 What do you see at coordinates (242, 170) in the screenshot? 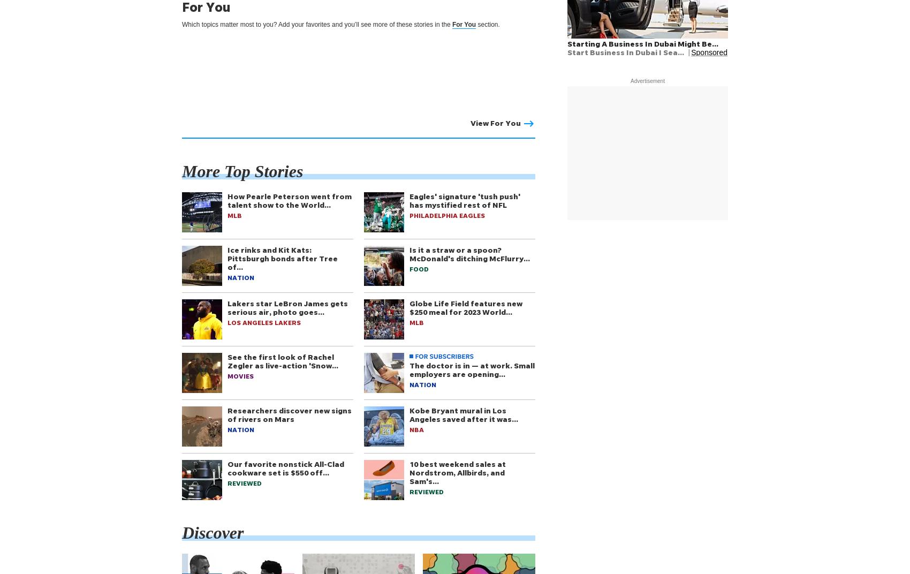
I see `'More Top Stories'` at bounding box center [242, 170].